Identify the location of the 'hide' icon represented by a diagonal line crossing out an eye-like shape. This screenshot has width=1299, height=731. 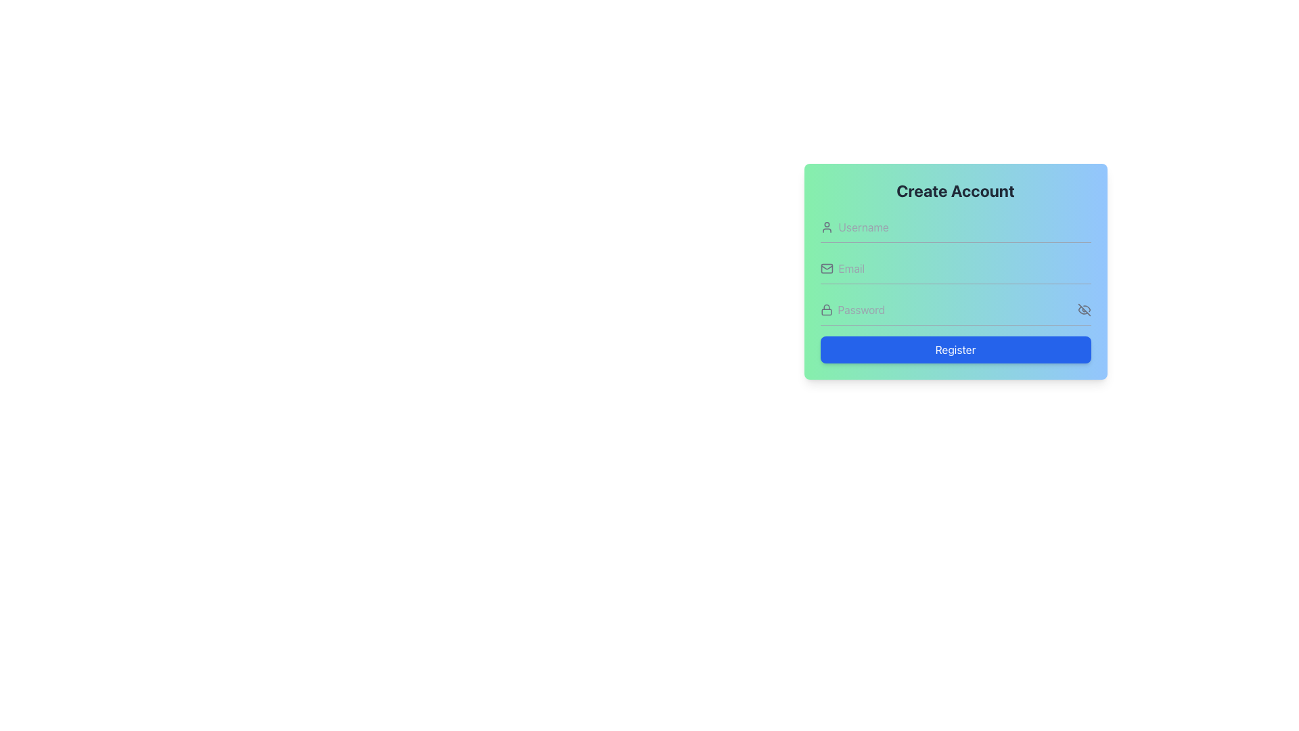
(1084, 310).